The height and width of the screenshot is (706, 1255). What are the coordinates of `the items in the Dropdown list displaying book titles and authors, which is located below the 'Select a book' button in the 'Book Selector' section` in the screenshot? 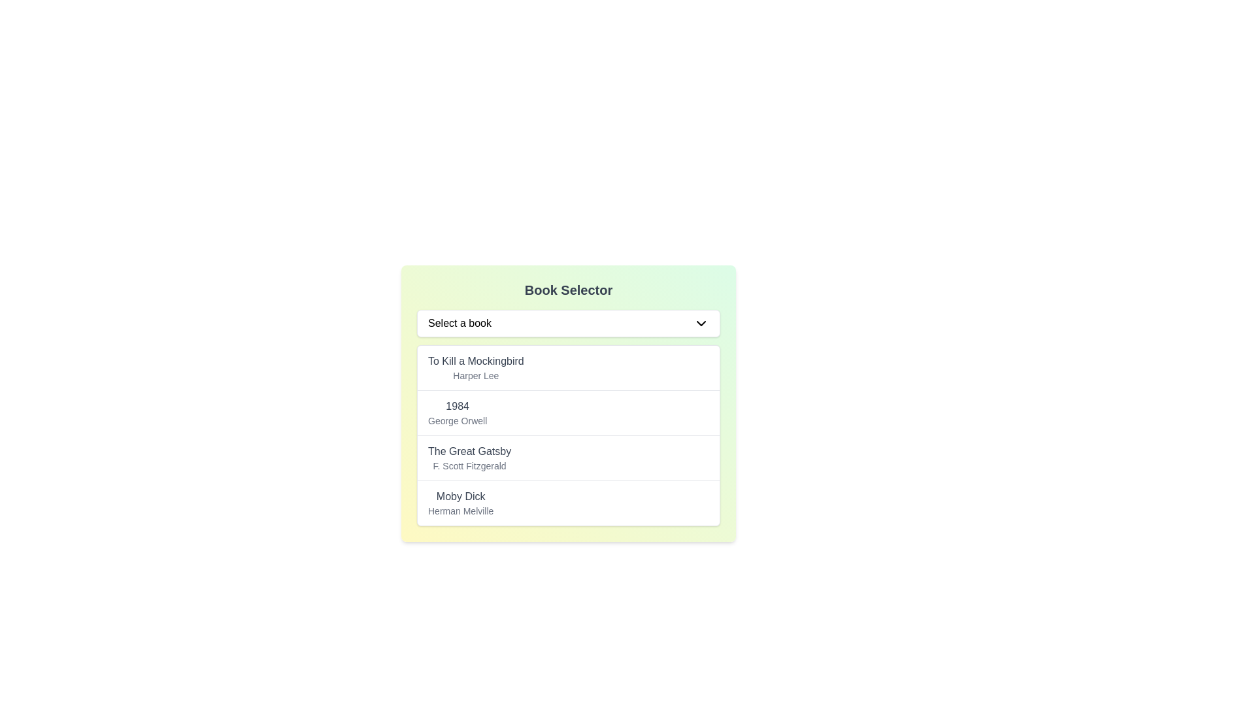 It's located at (568, 435).